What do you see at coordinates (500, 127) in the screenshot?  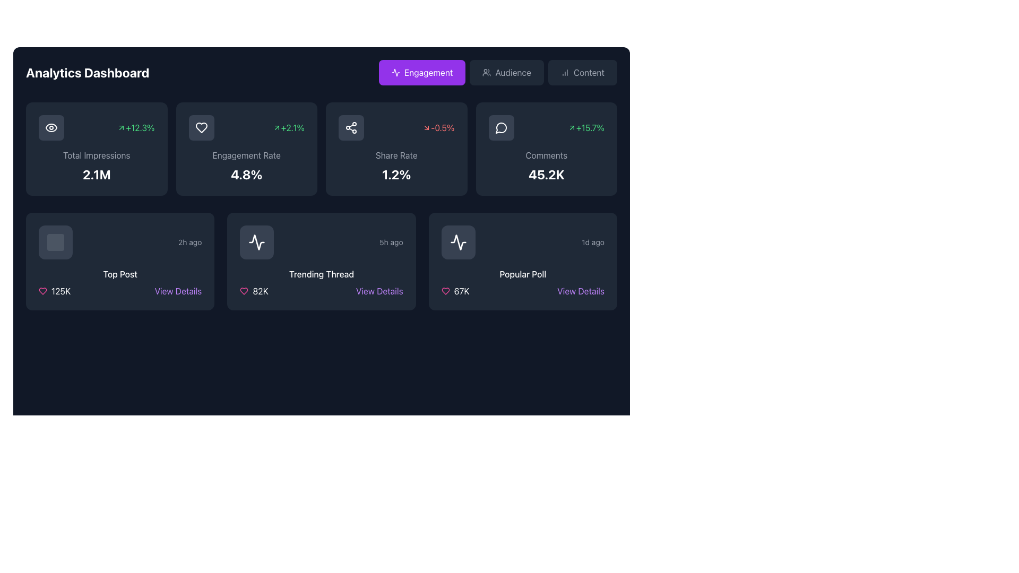 I see `the rounded rectangular icon with a dark gray background and white speech bubble outline located in the top row of cards under the 'Comments' metric, specifically on the rightmost card, without interacting` at bounding box center [500, 127].